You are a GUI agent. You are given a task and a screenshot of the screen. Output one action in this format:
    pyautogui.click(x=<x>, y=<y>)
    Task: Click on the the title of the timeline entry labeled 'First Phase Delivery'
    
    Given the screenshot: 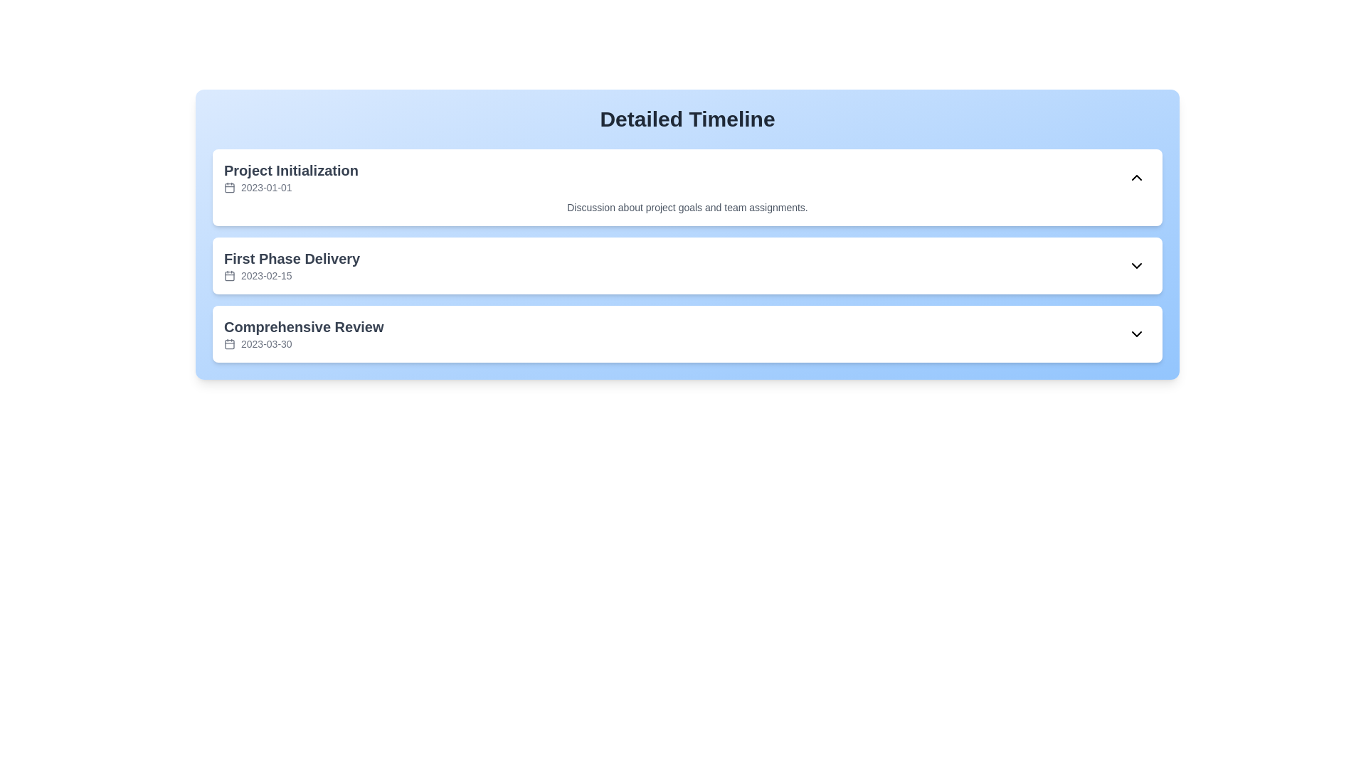 What is the action you would take?
    pyautogui.click(x=291, y=266)
    